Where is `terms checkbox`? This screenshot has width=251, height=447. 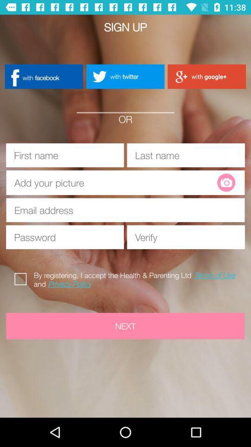
terms checkbox is located at coordinates (22, 278).